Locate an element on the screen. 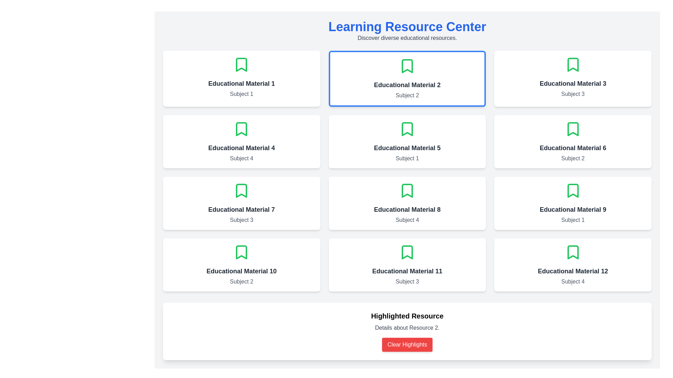  the decorative bookmark icon located at the center-top of the card titled 'Educational Material 3', which is situated in the top-right corner of the 3x4 grid layout is located at coordinates (573, 65).